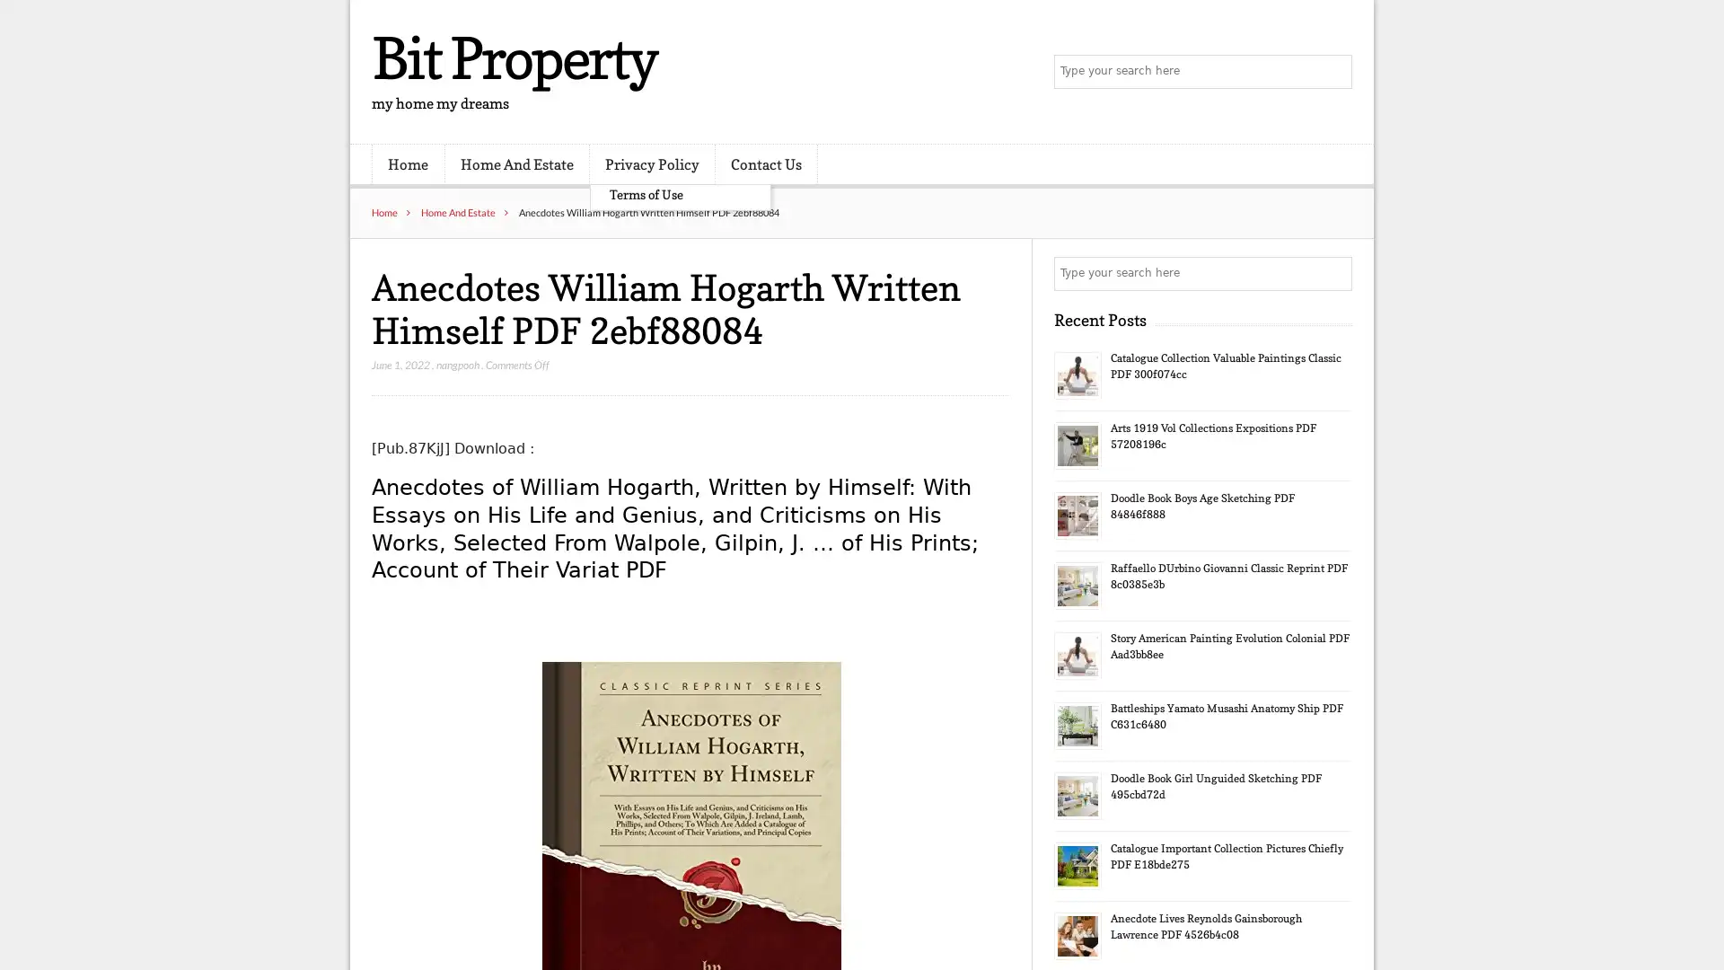 The image size is (1724, 970). I want to click on Search, so click(1333, 72).